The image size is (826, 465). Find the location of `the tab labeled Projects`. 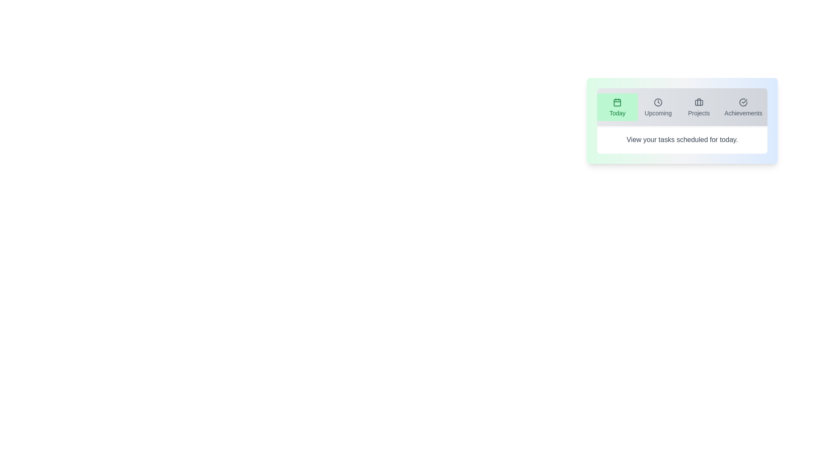

the tab labeled Projects is located at coordinates (699, 107).